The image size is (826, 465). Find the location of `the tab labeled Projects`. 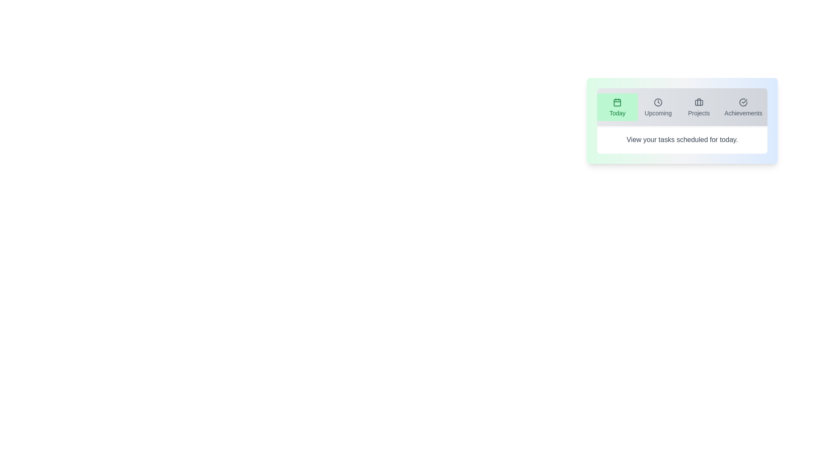

the tab labeled Projects is located at coordinates (699, 107).